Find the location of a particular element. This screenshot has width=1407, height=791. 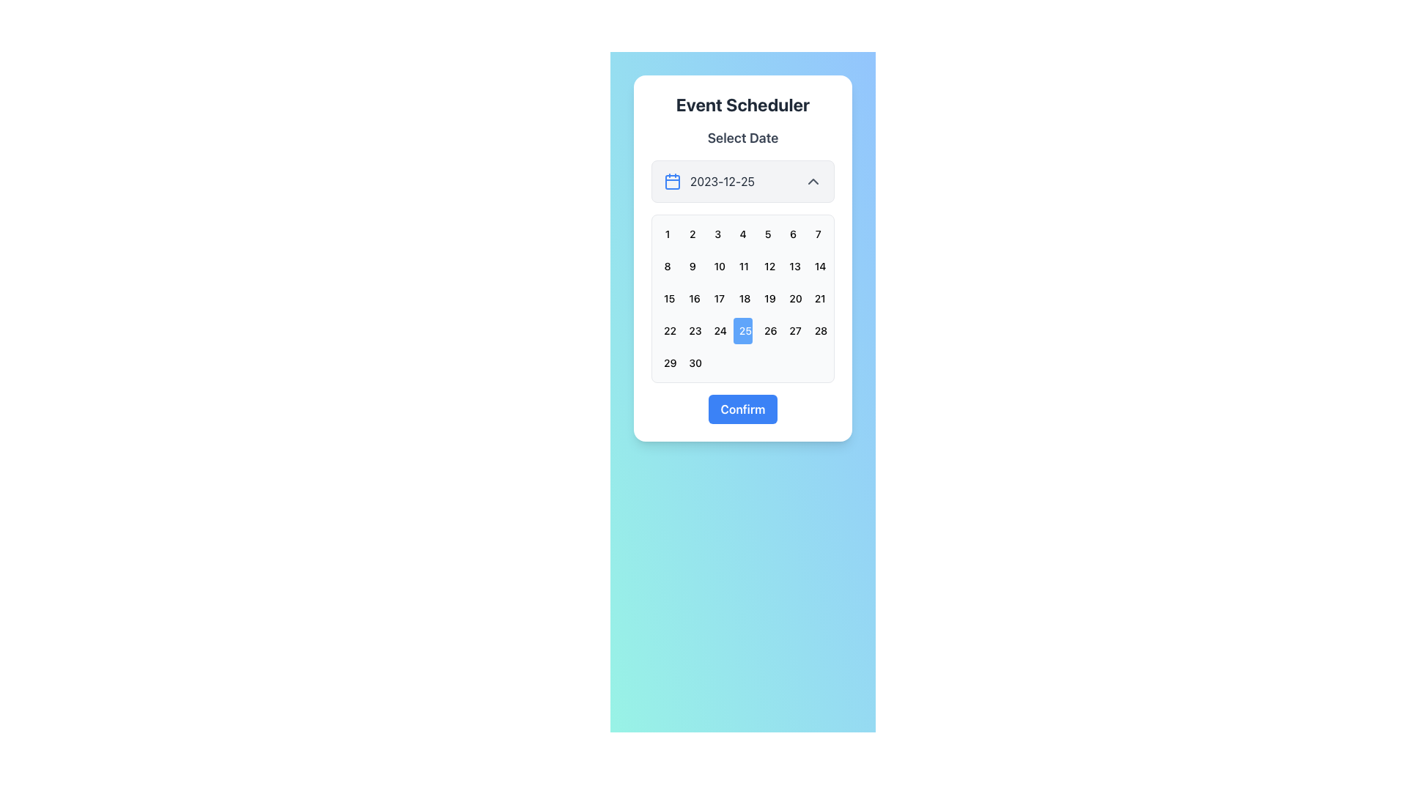

the rounded rectangular button with the number '27' in the date selection grid of the calendar interface is located at coordinates (792, 330).